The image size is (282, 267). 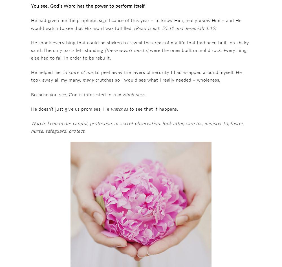 I want to click on '(Read Isaiah 55:11 and Jeremiah 1:12)', so click(x=174, y=28).